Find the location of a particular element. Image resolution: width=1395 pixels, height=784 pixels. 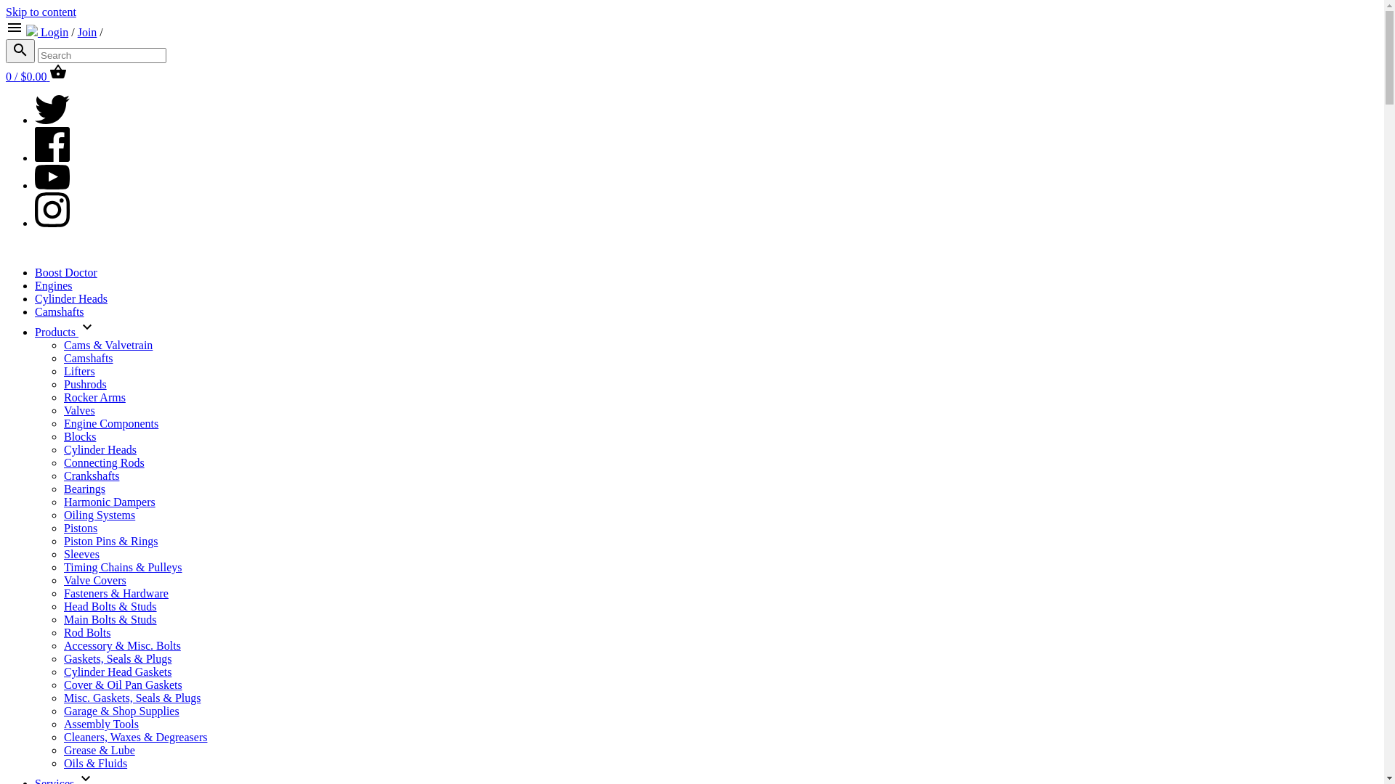

'Rocker Arms' is located at coordinates (94, 397).